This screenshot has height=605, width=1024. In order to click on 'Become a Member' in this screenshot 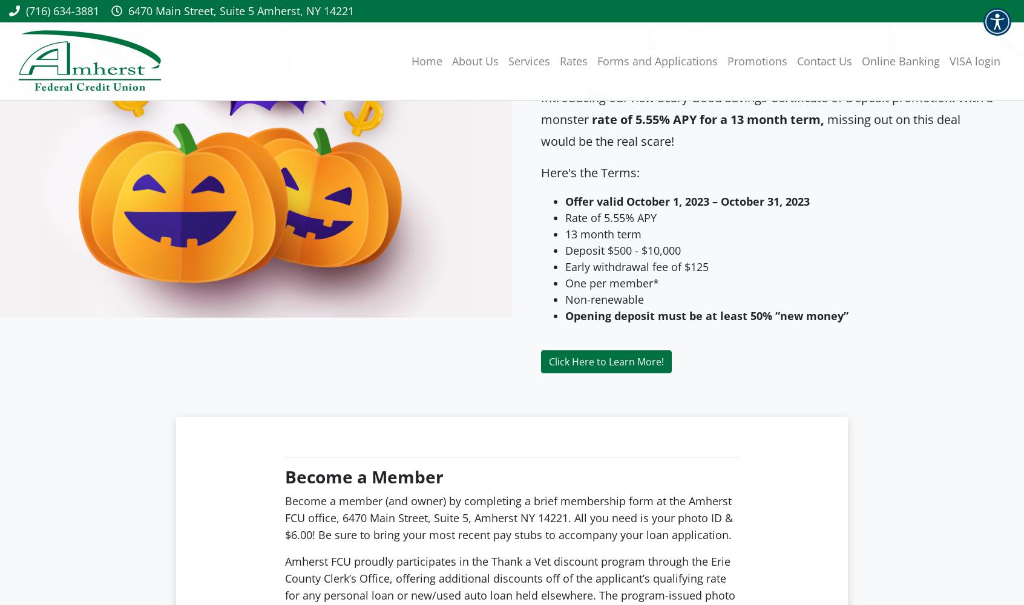, I will do `click(364, 477)`.